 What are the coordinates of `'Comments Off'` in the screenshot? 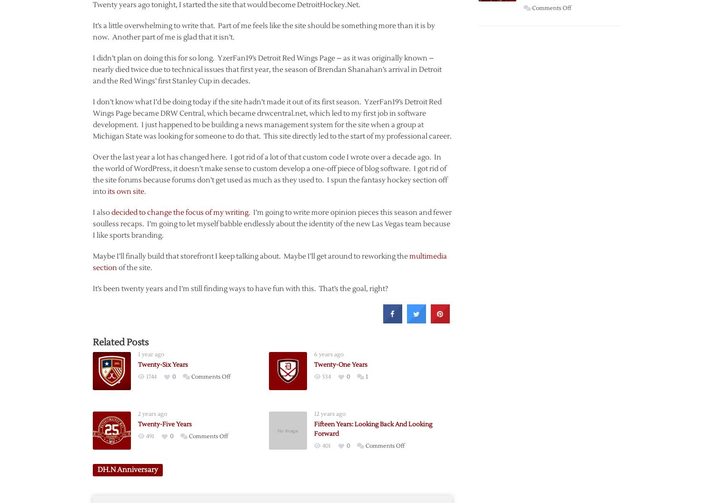 It's located at (552, 8).